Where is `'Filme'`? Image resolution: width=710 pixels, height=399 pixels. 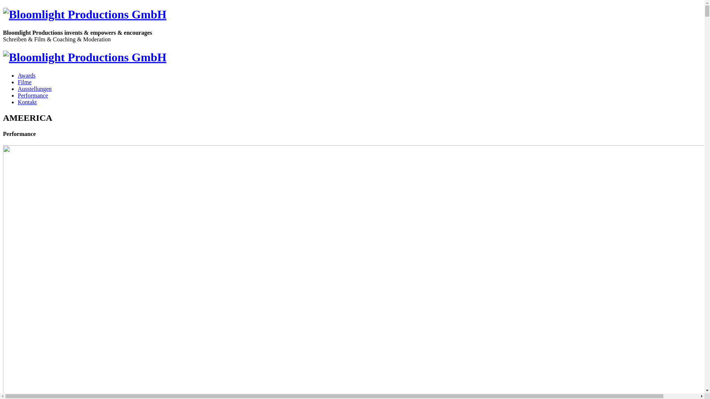 'Filme' is located at coordinates (24, 82).